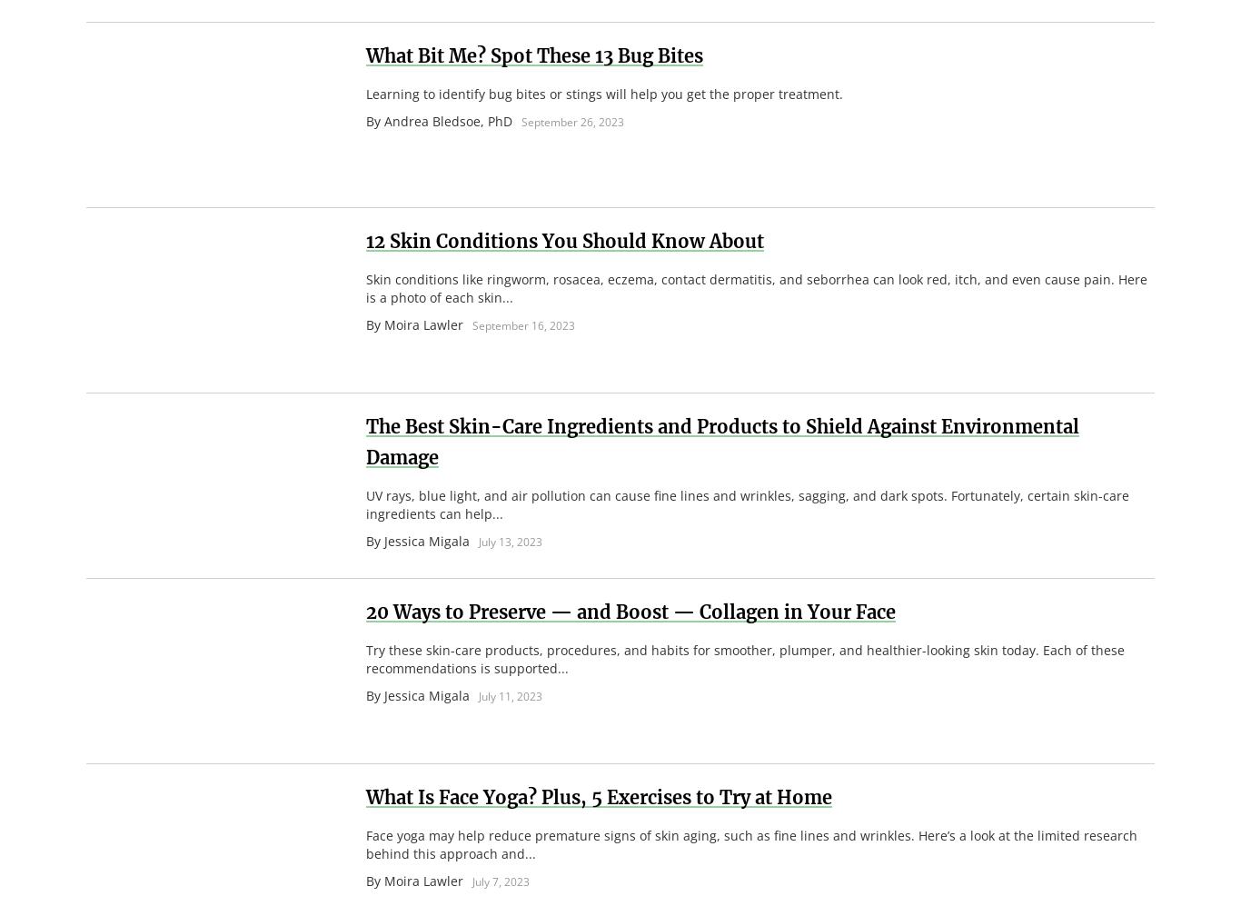 This screenshot has height=916, width=1241. Describe the element at coordinates (533, 55) in the screenshot. I see `'What Bit Me? Spot These 13 Bug Bites'` at that location.